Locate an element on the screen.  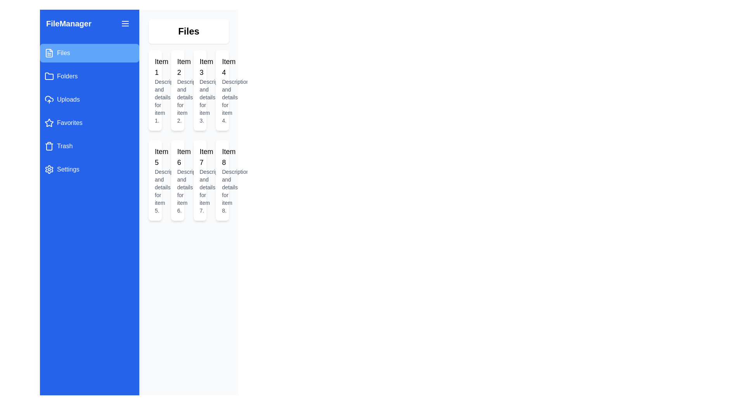
the 'Files' menu icon, which is styled as a document with text lines and is set against a blue background in the sidebar is located at coordinates (49, 53).